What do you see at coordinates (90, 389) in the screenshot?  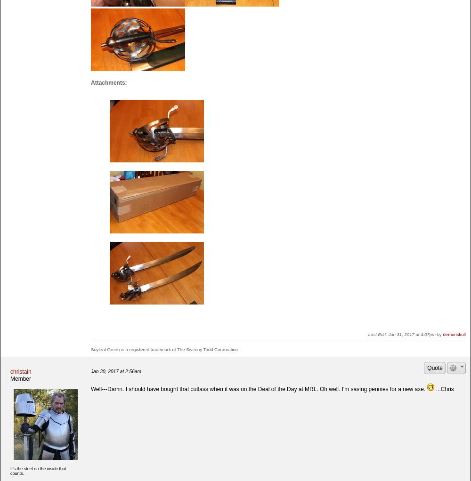 I see `'Well---Damn. I should have bought that cutlass when it was on the Deal of the Day at MRL. Oh well. I'm saving pennies for a new axe.'` at bounding box center [90, 389].